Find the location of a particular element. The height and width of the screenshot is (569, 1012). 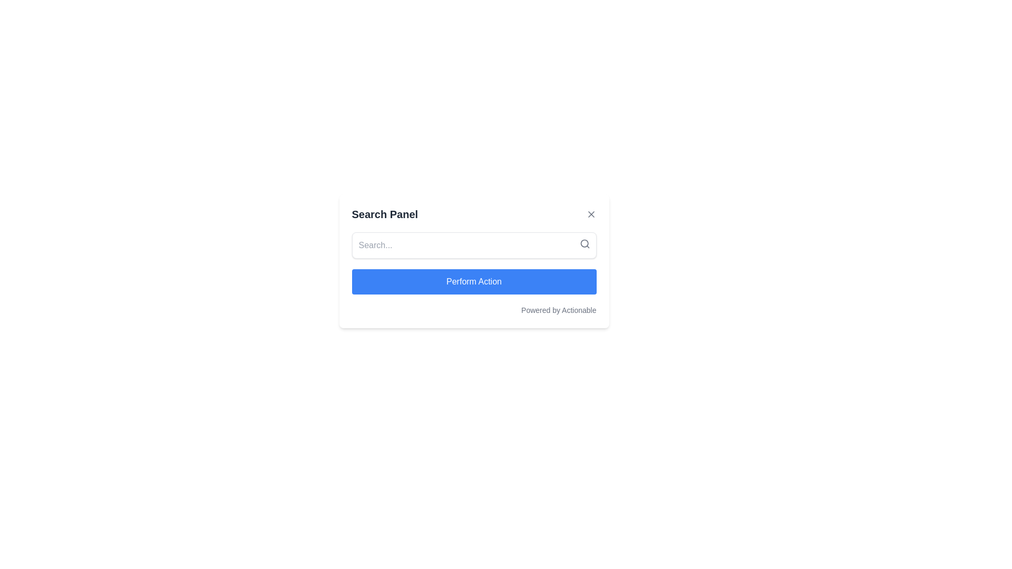

the graphical icon representing the search function, which is a circle within a magnifying glass located to the right of the input field labeled 'Search...' is located at coordinates (583, 243).